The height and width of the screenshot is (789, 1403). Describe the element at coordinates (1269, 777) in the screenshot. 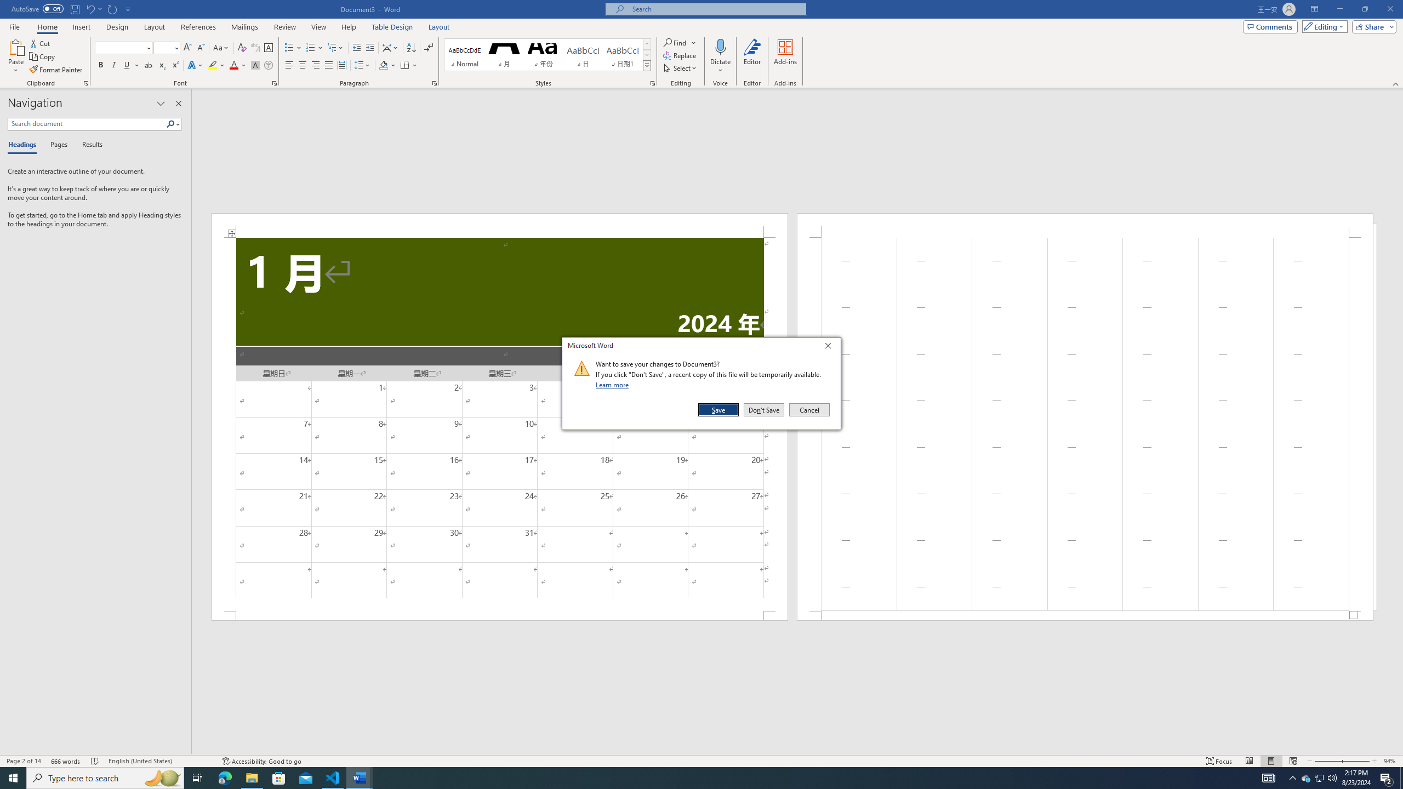

I see `'AutomationID: 4105'` at that location.